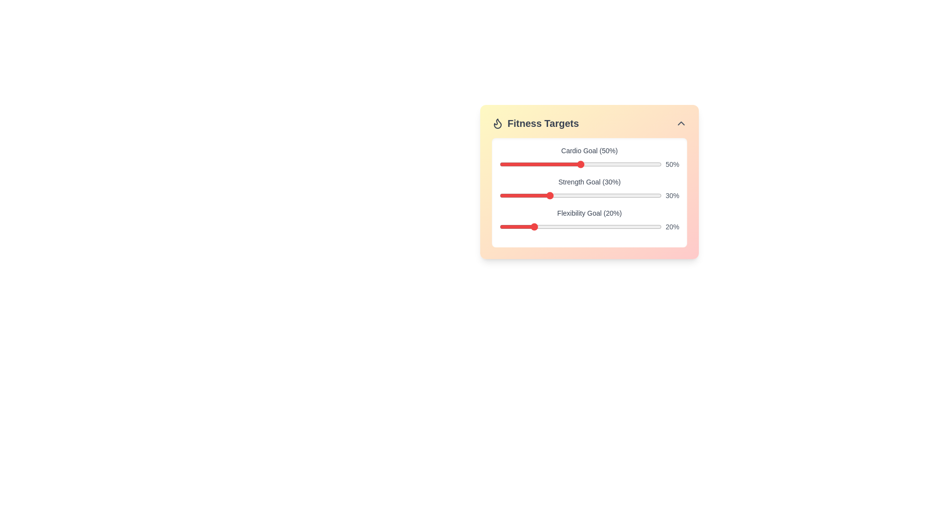 This screenshot has width=937, height=527. What do you see at coordinates (515, 196) in the screenshot?
I see `the strength goal slider to 10% by dragging the slider` at bounding box center [515, 196].